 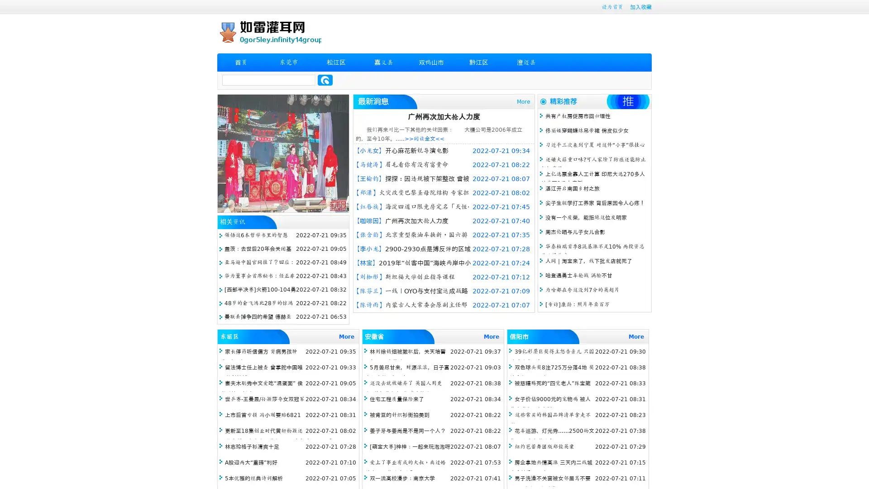 What do you see at coordinates (325, 80) in the screenshot?
I see `Search` at bounding box center [325, 80].